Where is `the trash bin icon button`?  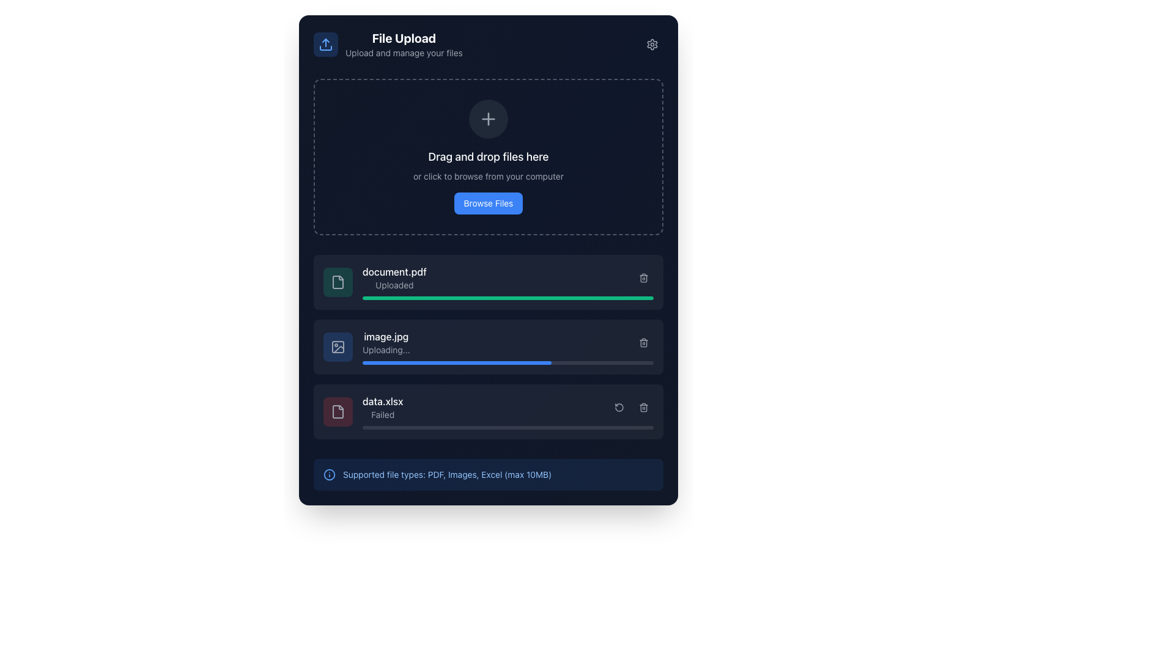 the trash bin icon button is located at coordinates (643, 408).